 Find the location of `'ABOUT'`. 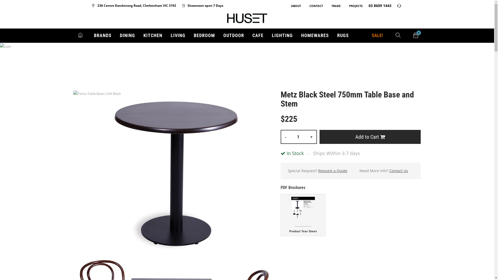

'ABOUT' is located at coordinates (293, 6).